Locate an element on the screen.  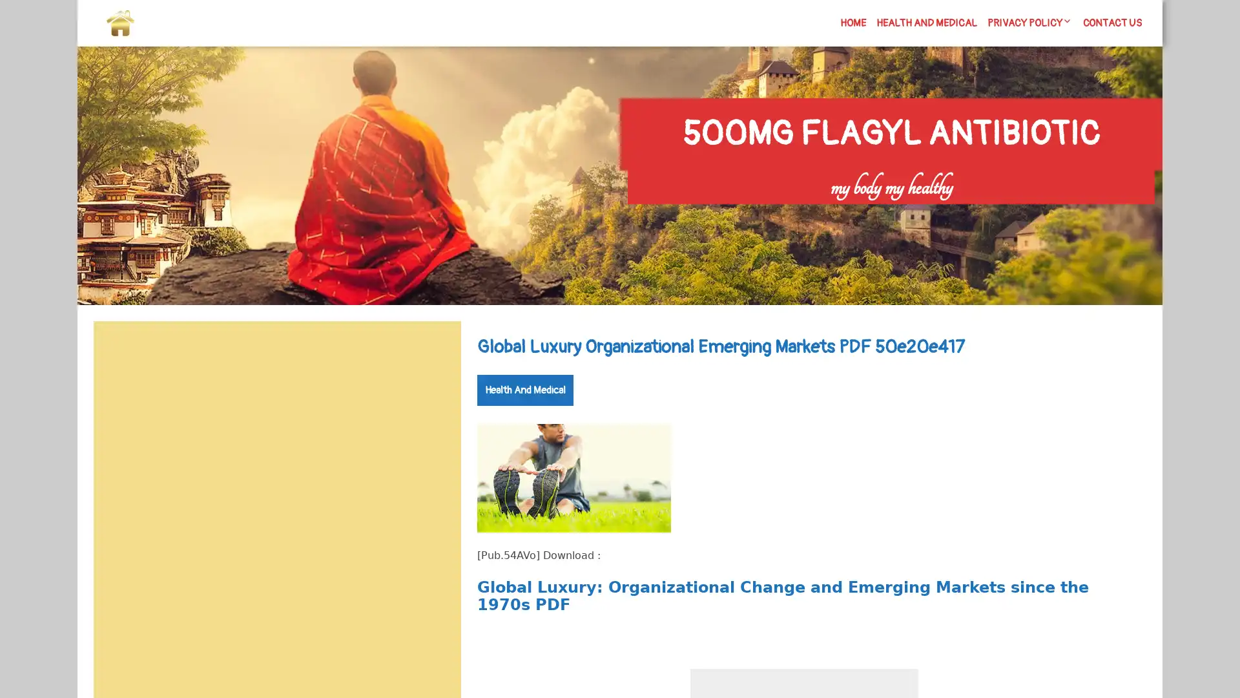
Search is located at coordinates (431, 352).